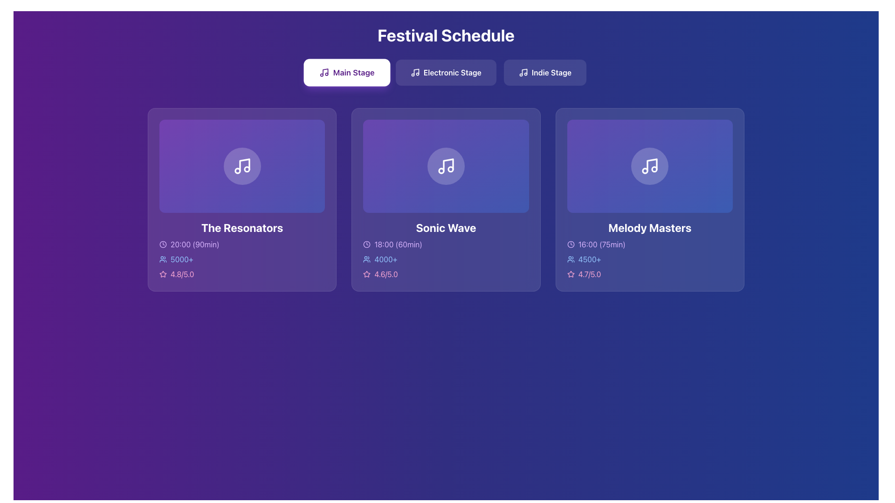 Image resolution: width=895 pixels, height=503 pixels. Describe the element at coordinates (163, 273) in the screenshot. I see `the star icon located at the bottom-right corner of 'The Resonators' card` at that location.